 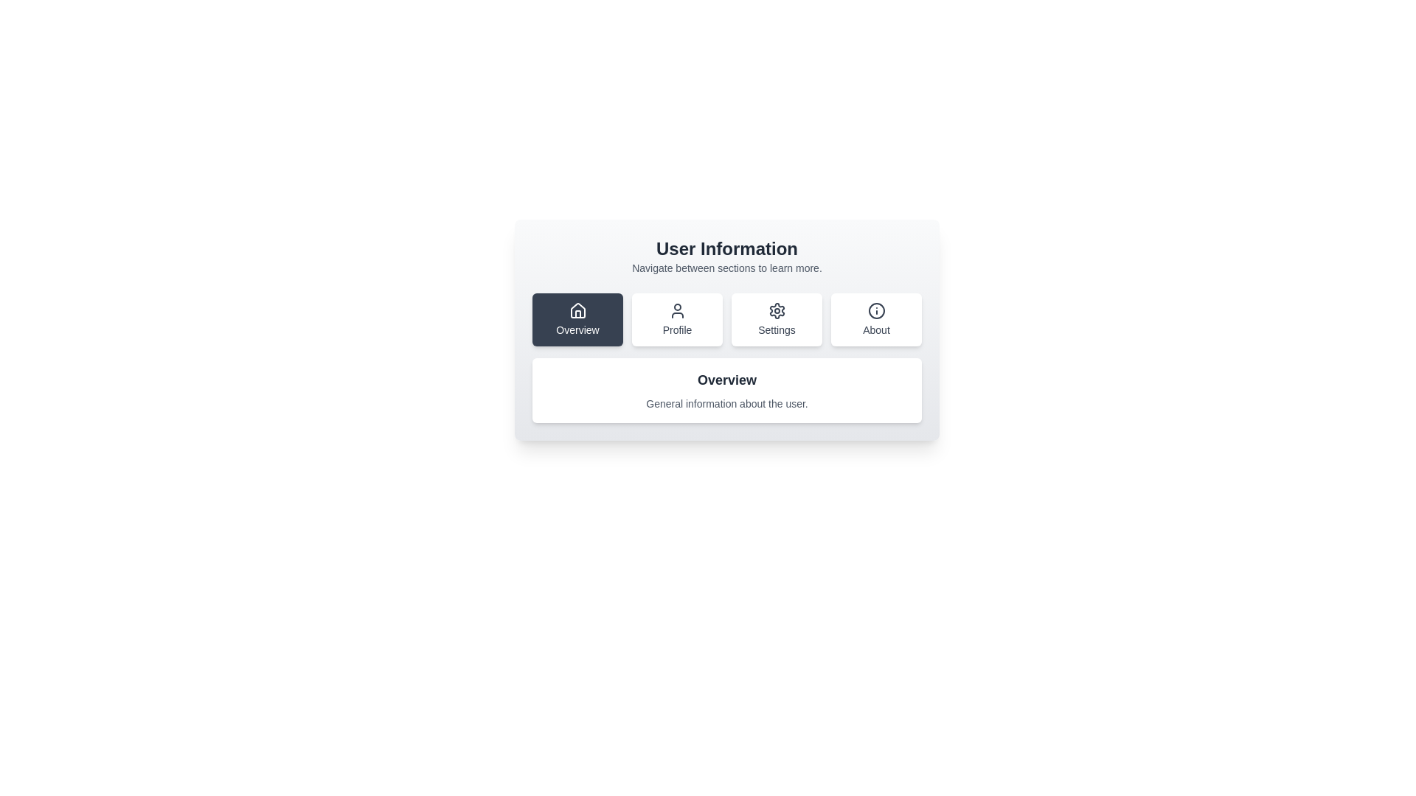 What do you see at coordinates (726, 319) in the screenshot?
I see `the 'Settings' button in the horizontal navigation bar located below the 'User Information' card` at bounding box center [726, 319].